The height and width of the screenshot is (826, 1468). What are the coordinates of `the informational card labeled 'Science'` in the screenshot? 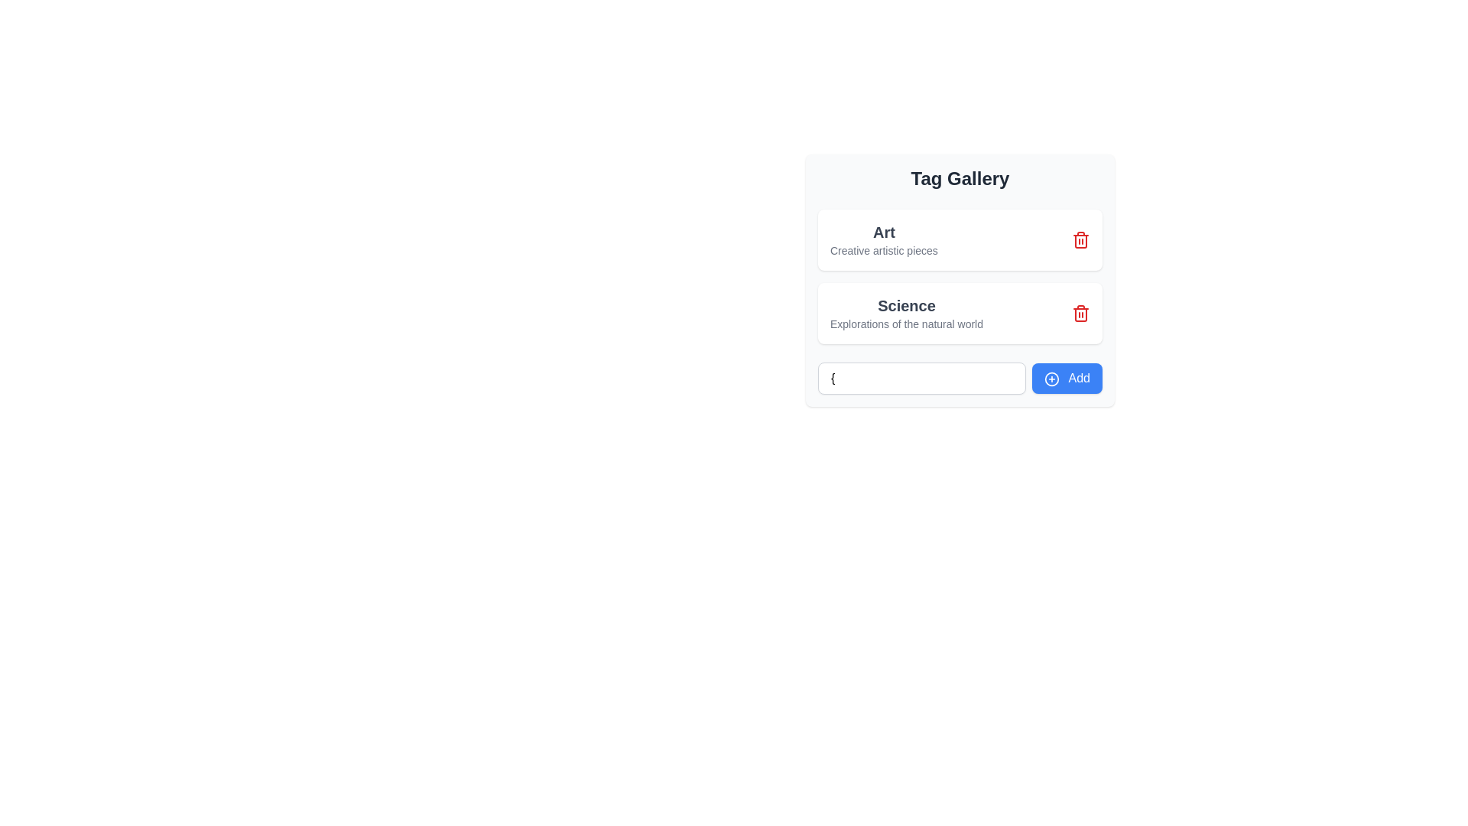 It's located at (960, 312).